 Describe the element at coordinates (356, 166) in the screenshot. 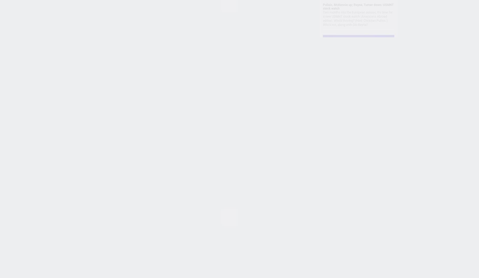

I see `'The FC 100 for 2023: Haaland, Mbappe lead our list of best men's soccer players'` at that location.